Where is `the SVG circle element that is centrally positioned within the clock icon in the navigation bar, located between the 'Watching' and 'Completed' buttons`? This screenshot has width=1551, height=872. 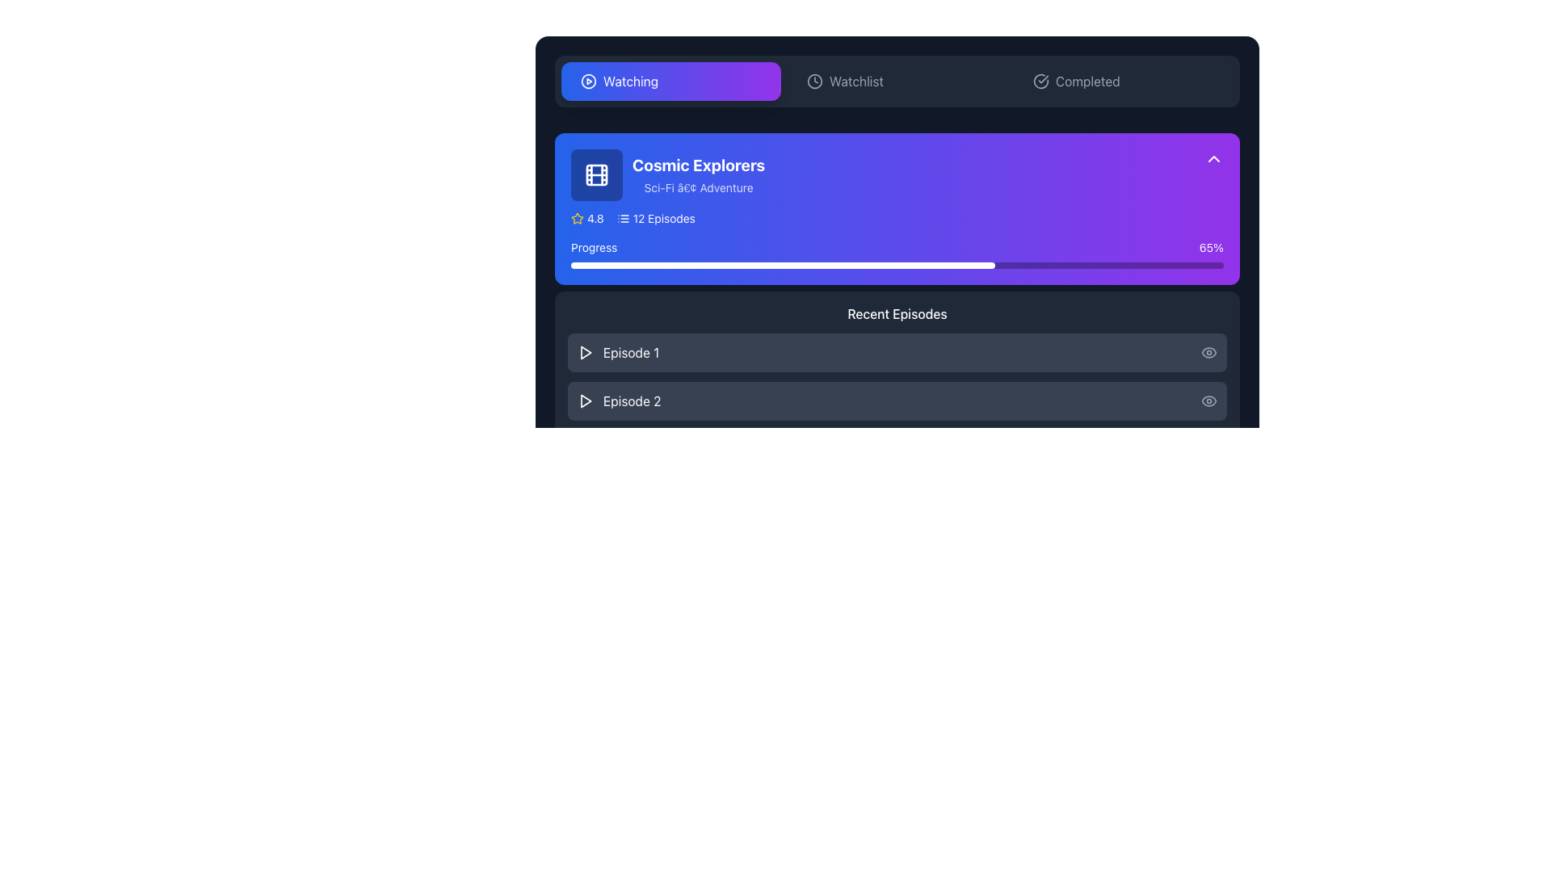 the SVG circle element that is centrally positioned within the clock icon in the navigation bar, located between the 'Watching' and 'Completed' buttons is located at coordinates (814, 81).